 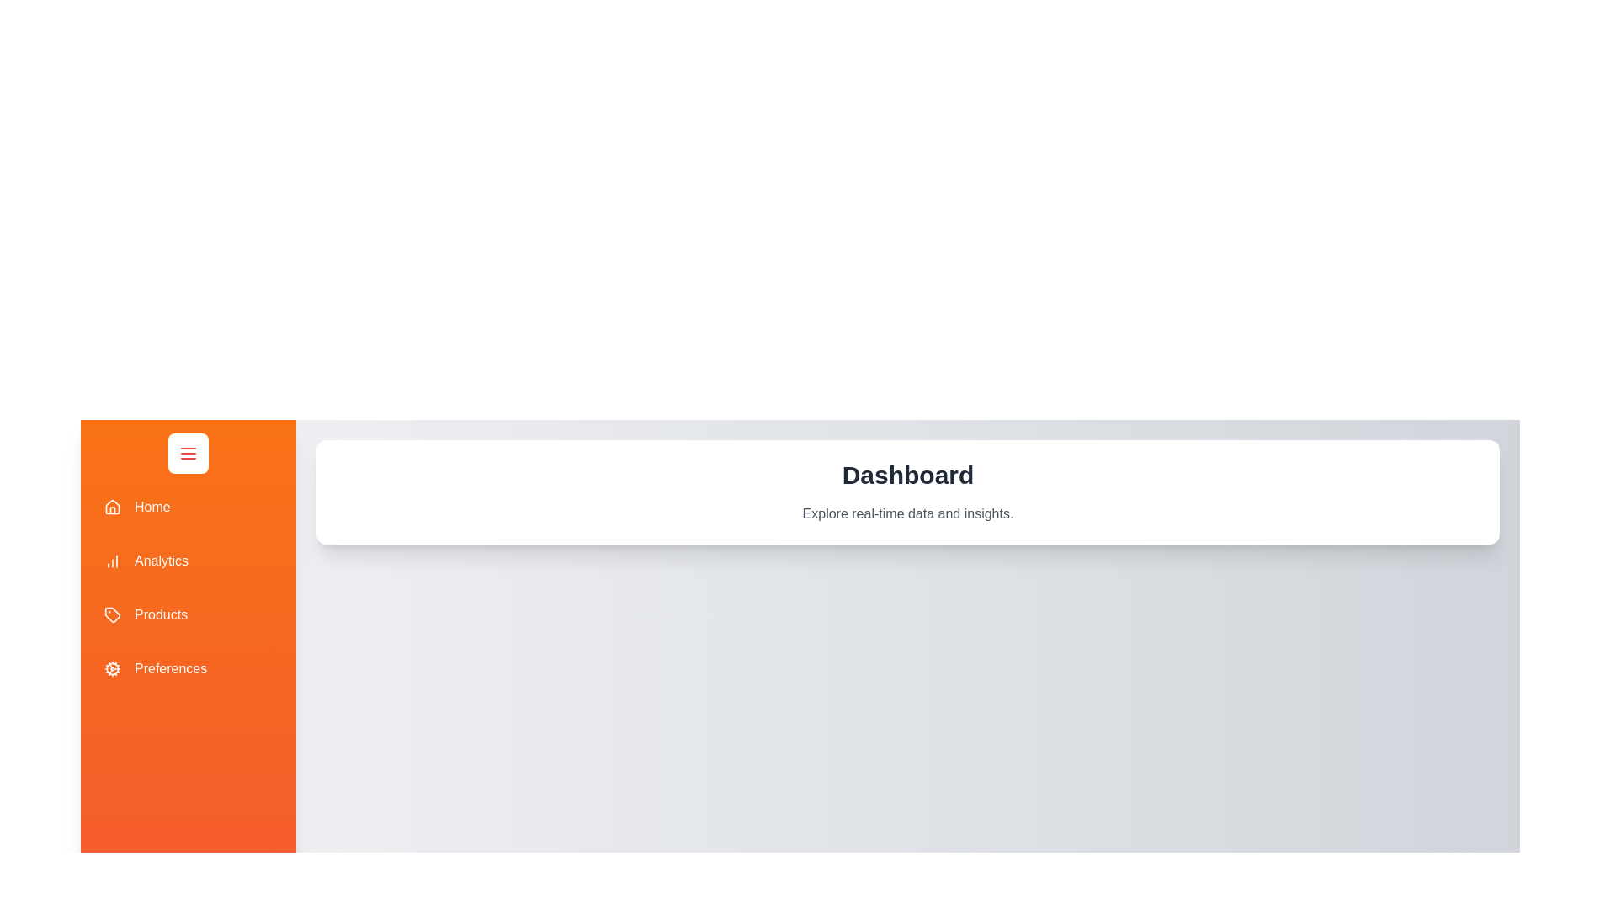 What do you see at coordinates (189, 615) in the screenshot?
I see `the drawer item labeled 'Products' to observe its hover effect` at bounding box center [189, 615].